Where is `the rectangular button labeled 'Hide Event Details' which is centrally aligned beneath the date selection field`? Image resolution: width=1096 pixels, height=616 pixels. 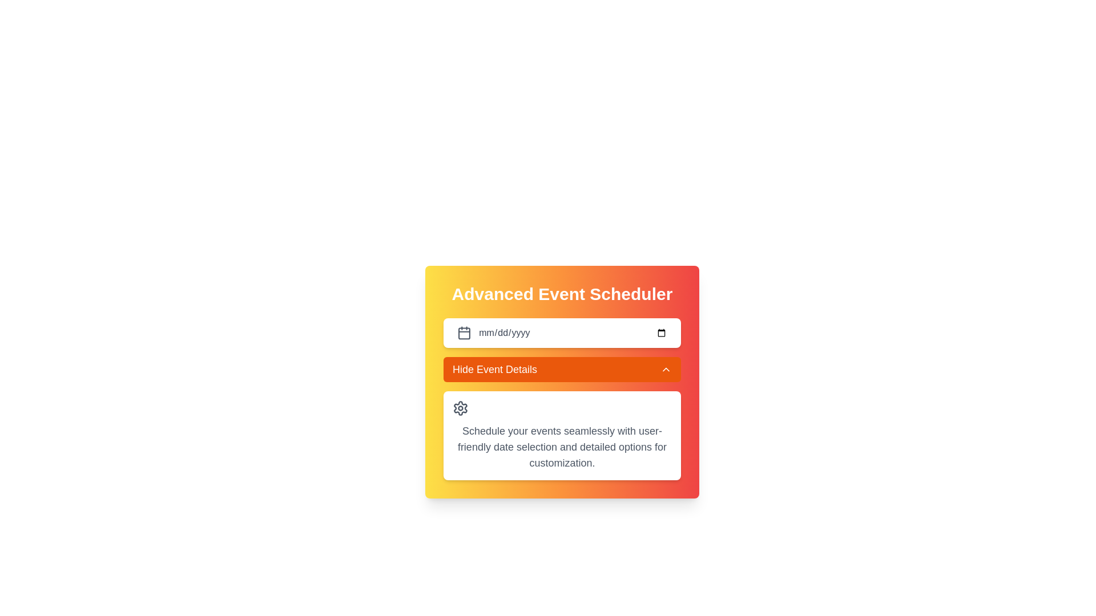
the rectangular button labeled 'Hide Event Details' which is centrally aligned beneath the date selection field is located at coordinates (562, 370).